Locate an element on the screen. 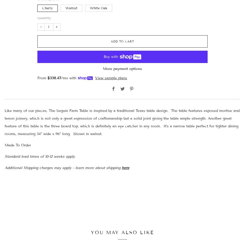  'Made To Order' is located at coordinates (18, 145).